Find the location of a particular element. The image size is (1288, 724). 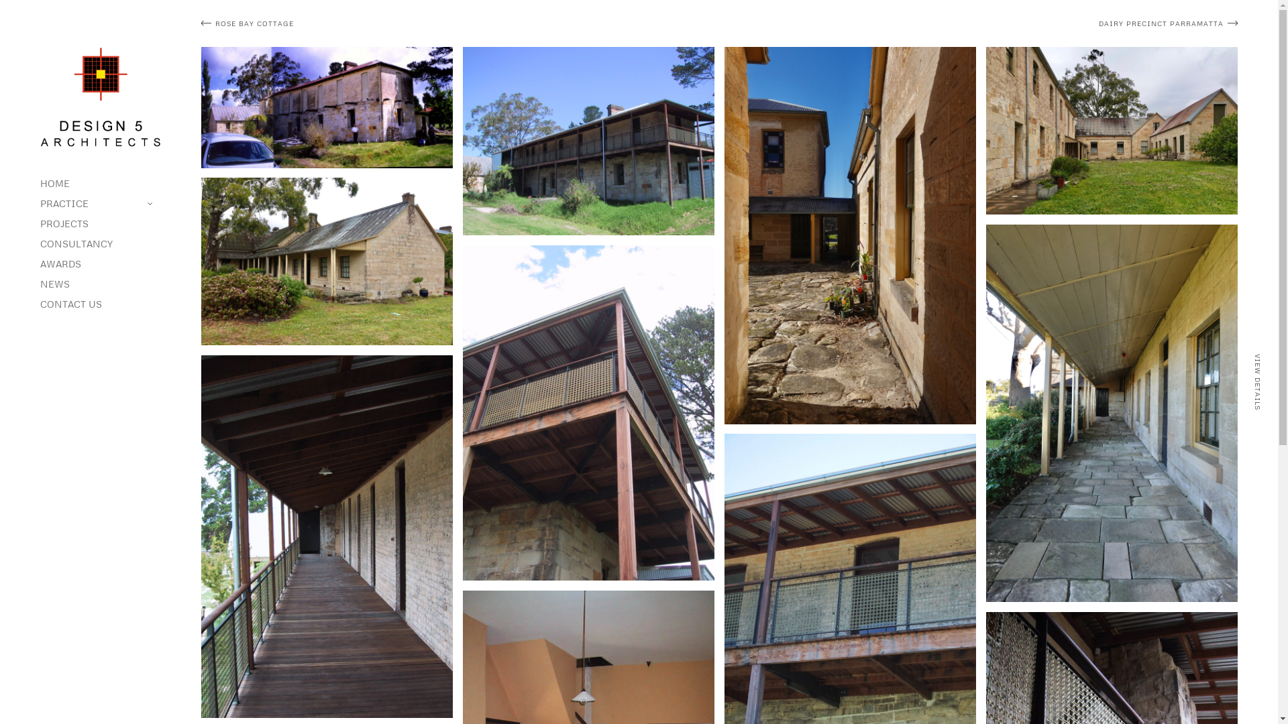

'CONTACT US' is located at coordinates (99, 304).